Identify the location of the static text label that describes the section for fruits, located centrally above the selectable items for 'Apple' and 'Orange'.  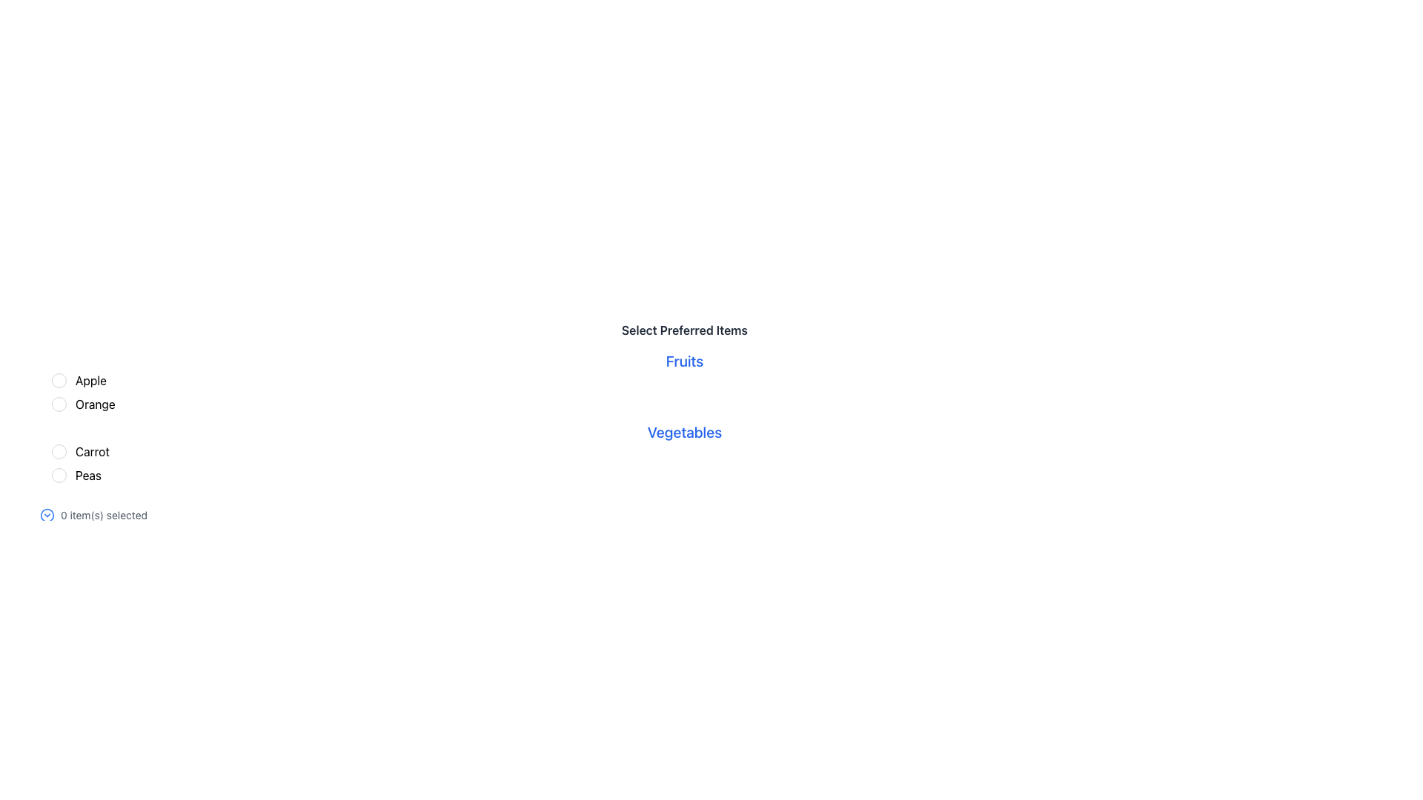
(684, 361).